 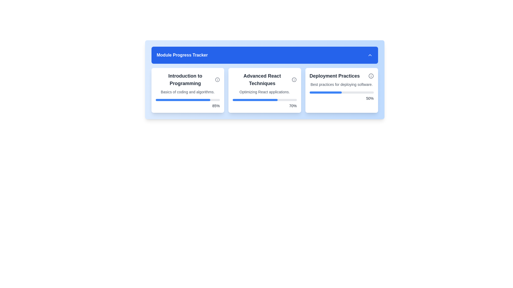 I want to click on the circular information icon located in the top-right corner of the 'Deployment Practices' card, so click(x=371, y=76).